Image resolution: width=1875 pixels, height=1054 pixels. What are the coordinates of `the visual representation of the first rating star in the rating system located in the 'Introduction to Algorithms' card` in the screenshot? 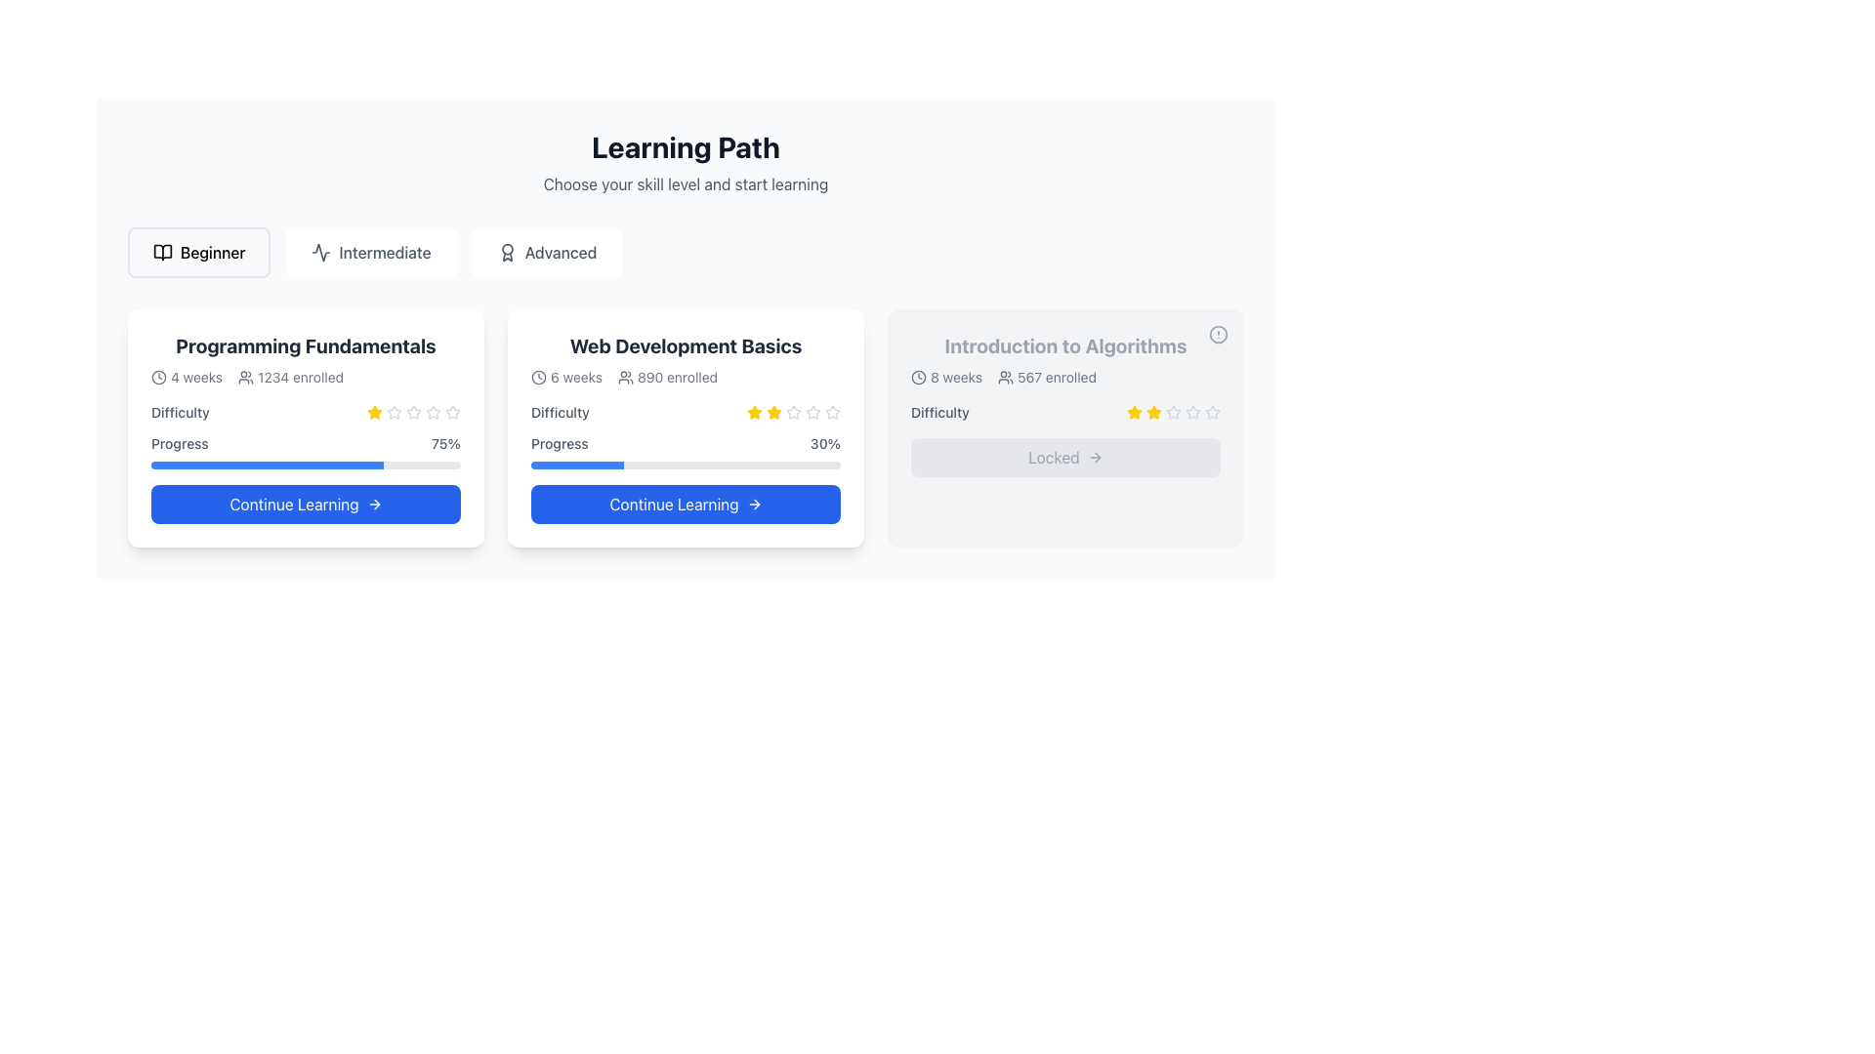 It's located at (1134, 412).